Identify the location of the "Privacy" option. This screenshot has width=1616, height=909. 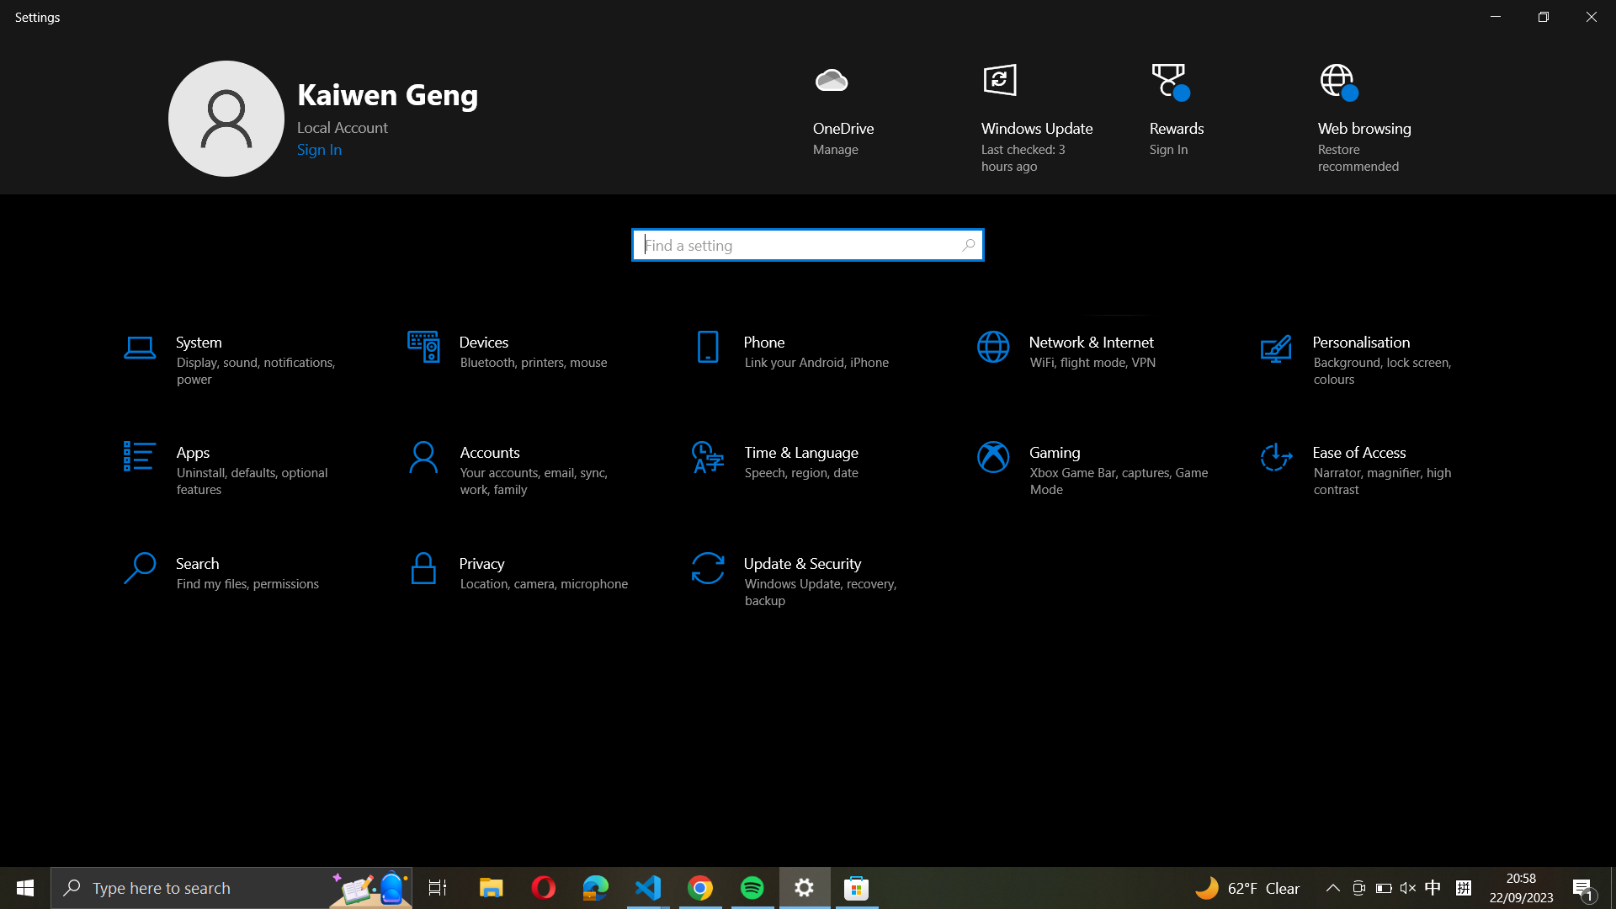
(524, 571).